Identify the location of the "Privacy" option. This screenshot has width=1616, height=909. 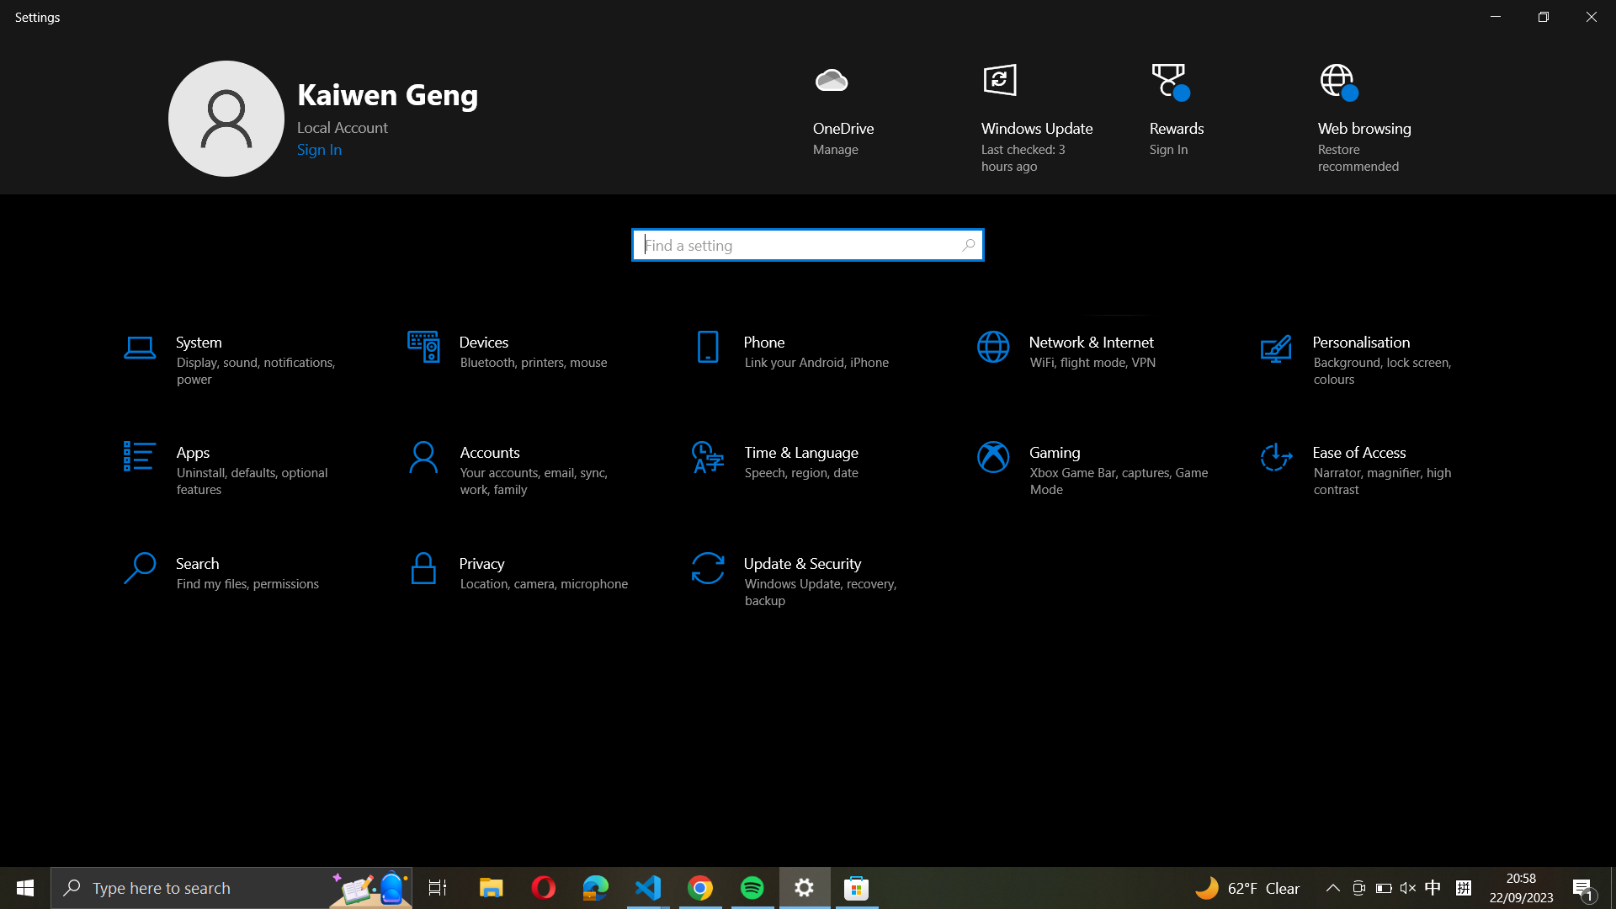
(524, 571).